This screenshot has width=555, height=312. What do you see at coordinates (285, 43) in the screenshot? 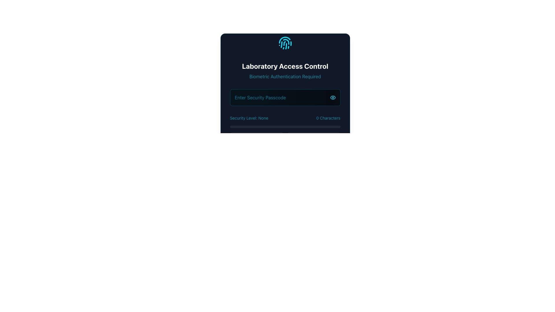
I see `the circular animated highlight with a cyan outline surrounding the fingerprint icon at the top of the panel` at bounding box center [285, 43].